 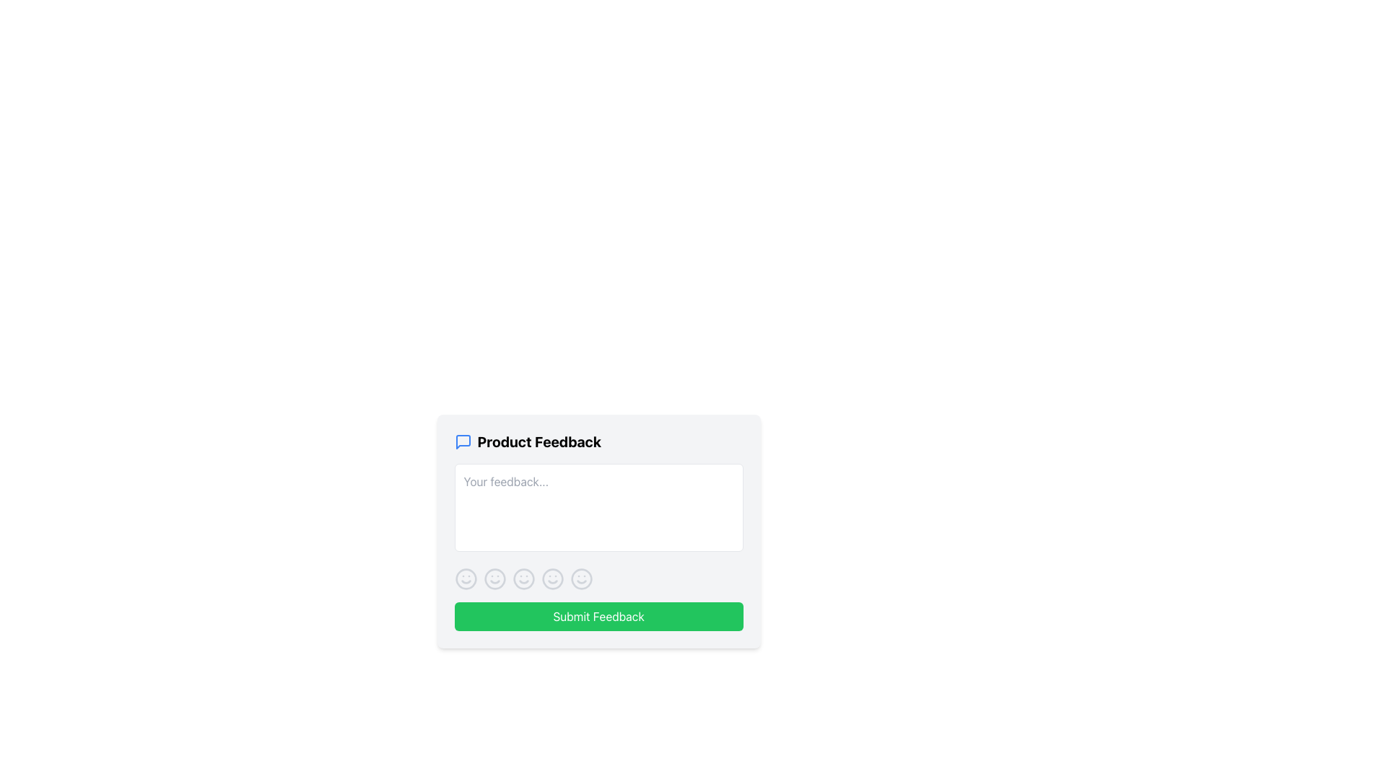 What do you see at coordinates (598, 441) in the screenshot?
I see `the Label with Icon that consists of a blue message bubble icon followed by the bold text 'Product Feedback', located at the top-left section of a card layout` at bounding box center [598, 441].